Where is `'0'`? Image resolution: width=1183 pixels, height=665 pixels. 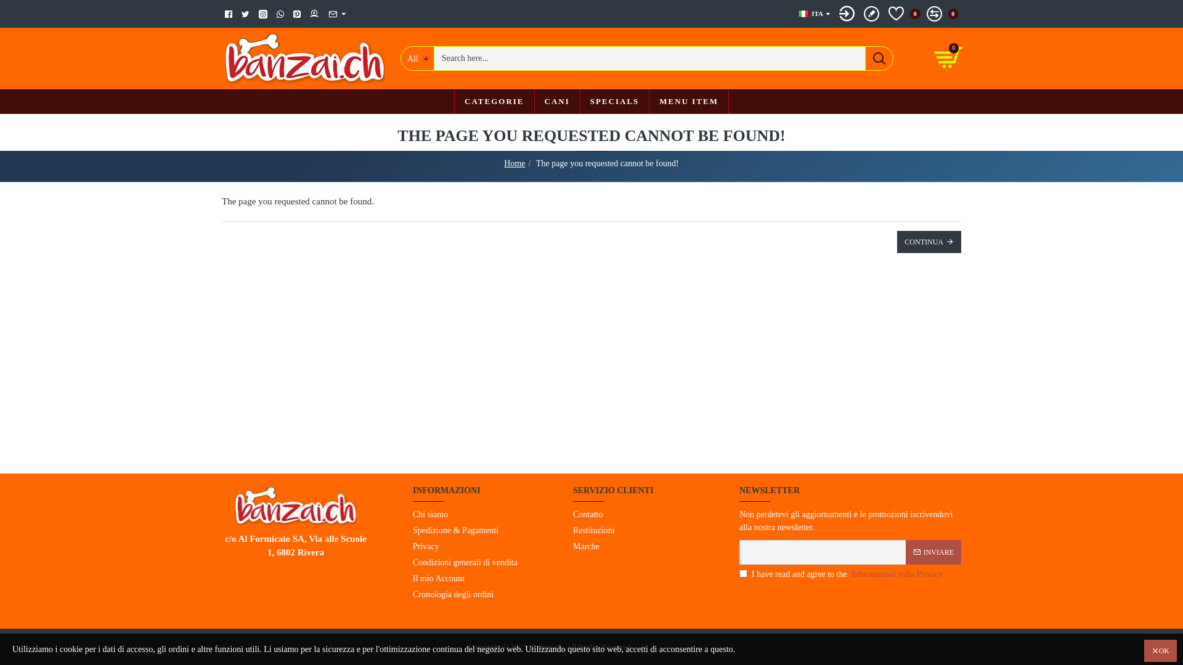 '0' is located at coordinates (941, 14).